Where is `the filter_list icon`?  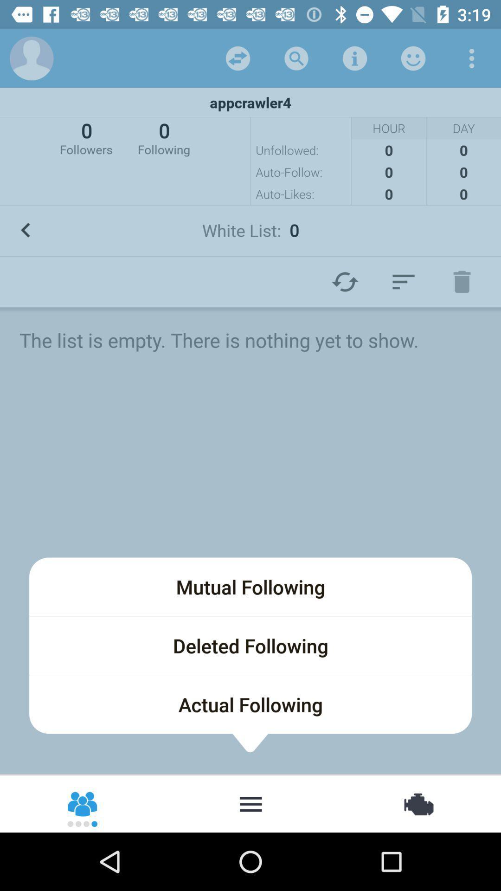 the filter_list icon is located at coordinates (403, 281).